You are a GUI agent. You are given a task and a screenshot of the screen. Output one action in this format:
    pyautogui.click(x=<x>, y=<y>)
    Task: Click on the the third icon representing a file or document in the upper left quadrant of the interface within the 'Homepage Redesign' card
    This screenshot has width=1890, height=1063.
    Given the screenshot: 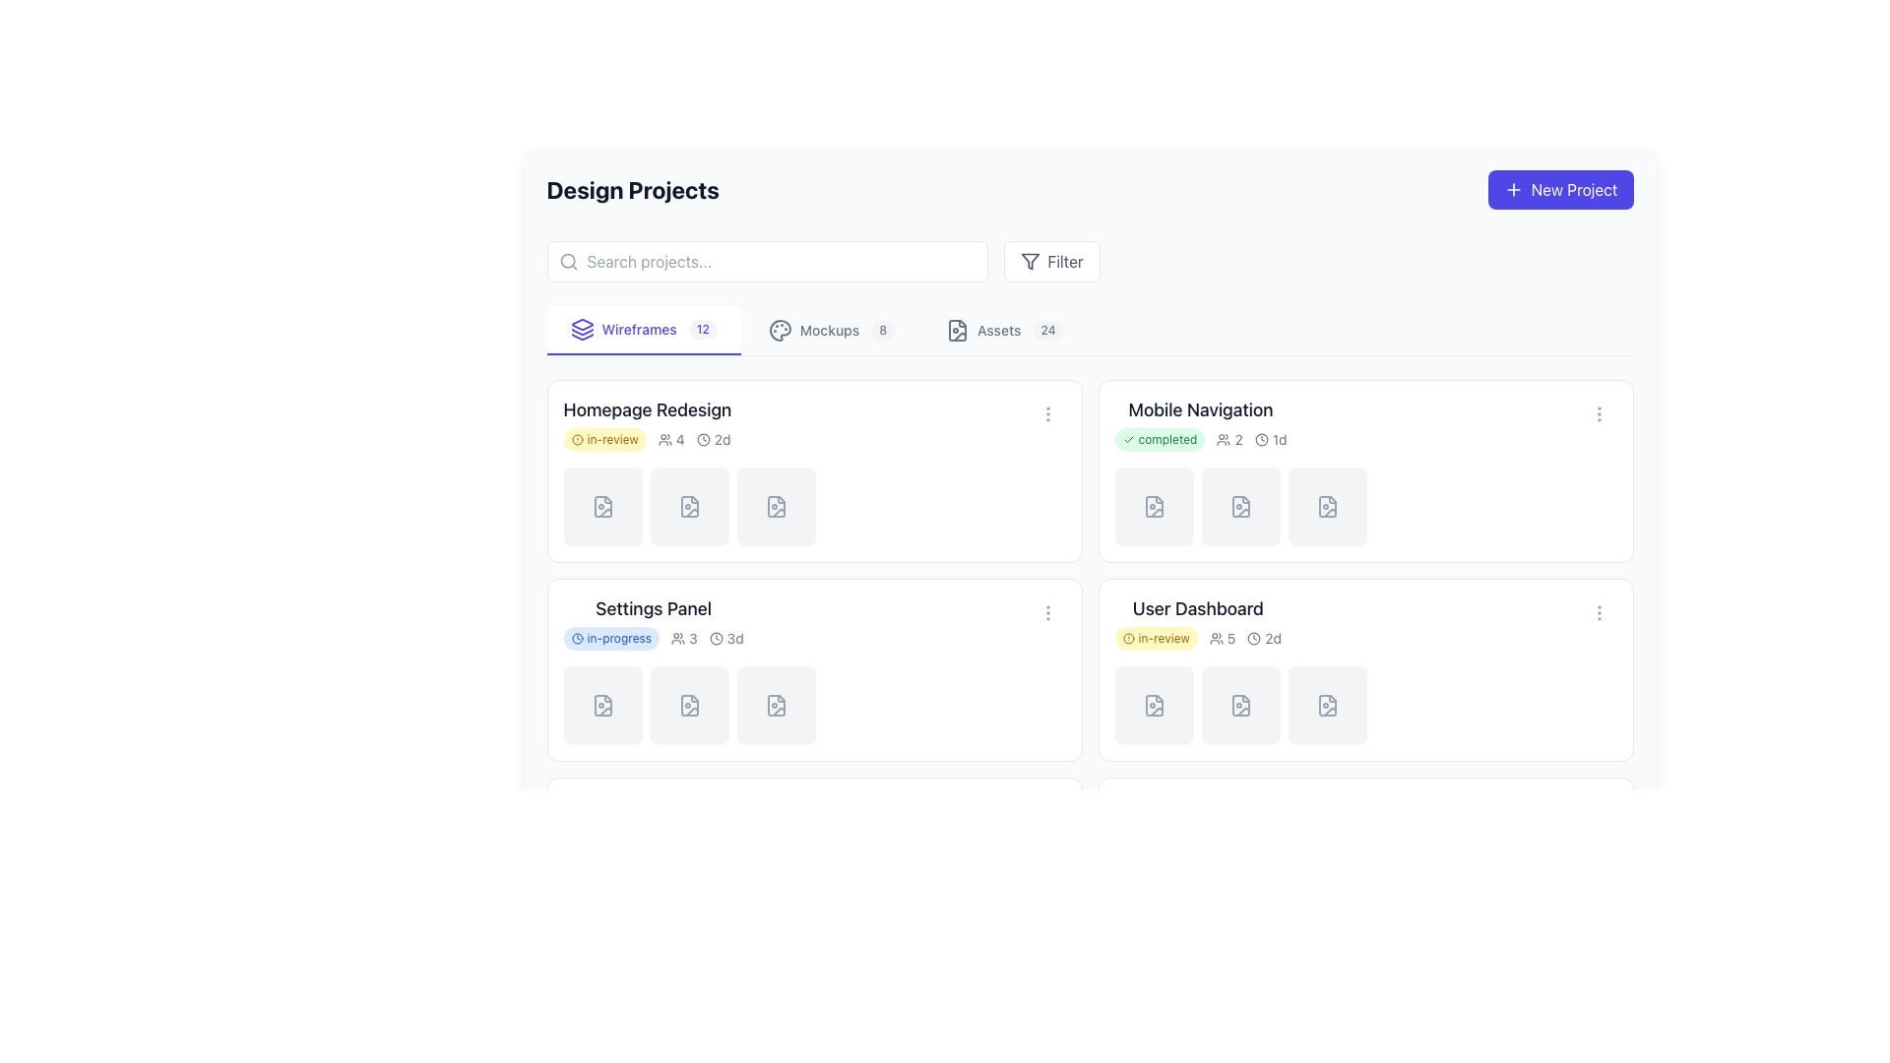 What is the action you would take?
    pyautogui.click(x=775, y=506)
    